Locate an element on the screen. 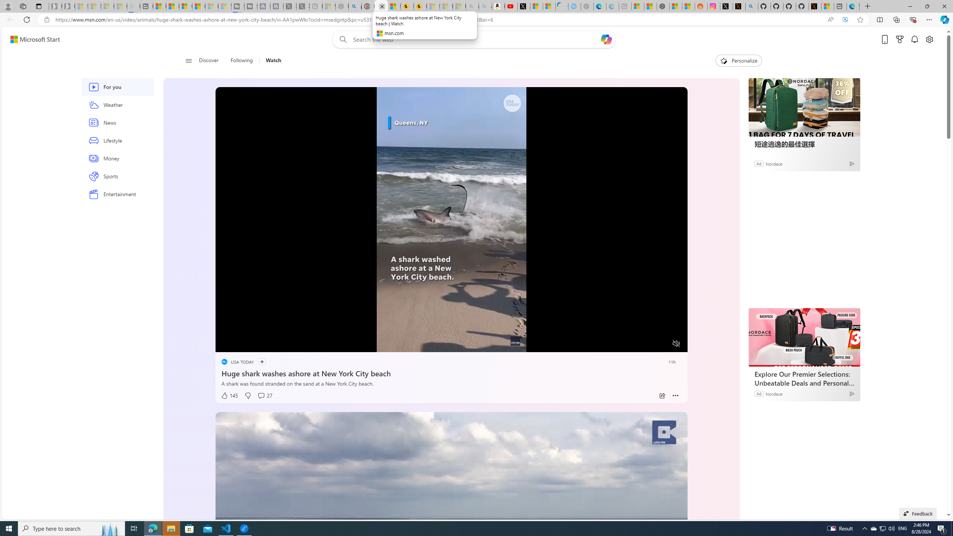 The height and width of the screenshot is (536, 953). 'github - Search' is located at coordinates (751, 6).